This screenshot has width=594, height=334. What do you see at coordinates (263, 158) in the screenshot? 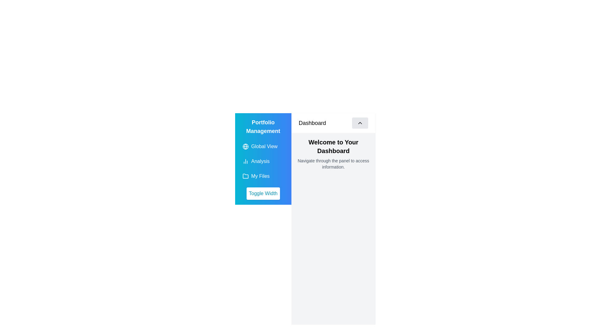
I see `the Navigation Menu located below the 'Portfolio Management' header` at bounding box center [263, 158].